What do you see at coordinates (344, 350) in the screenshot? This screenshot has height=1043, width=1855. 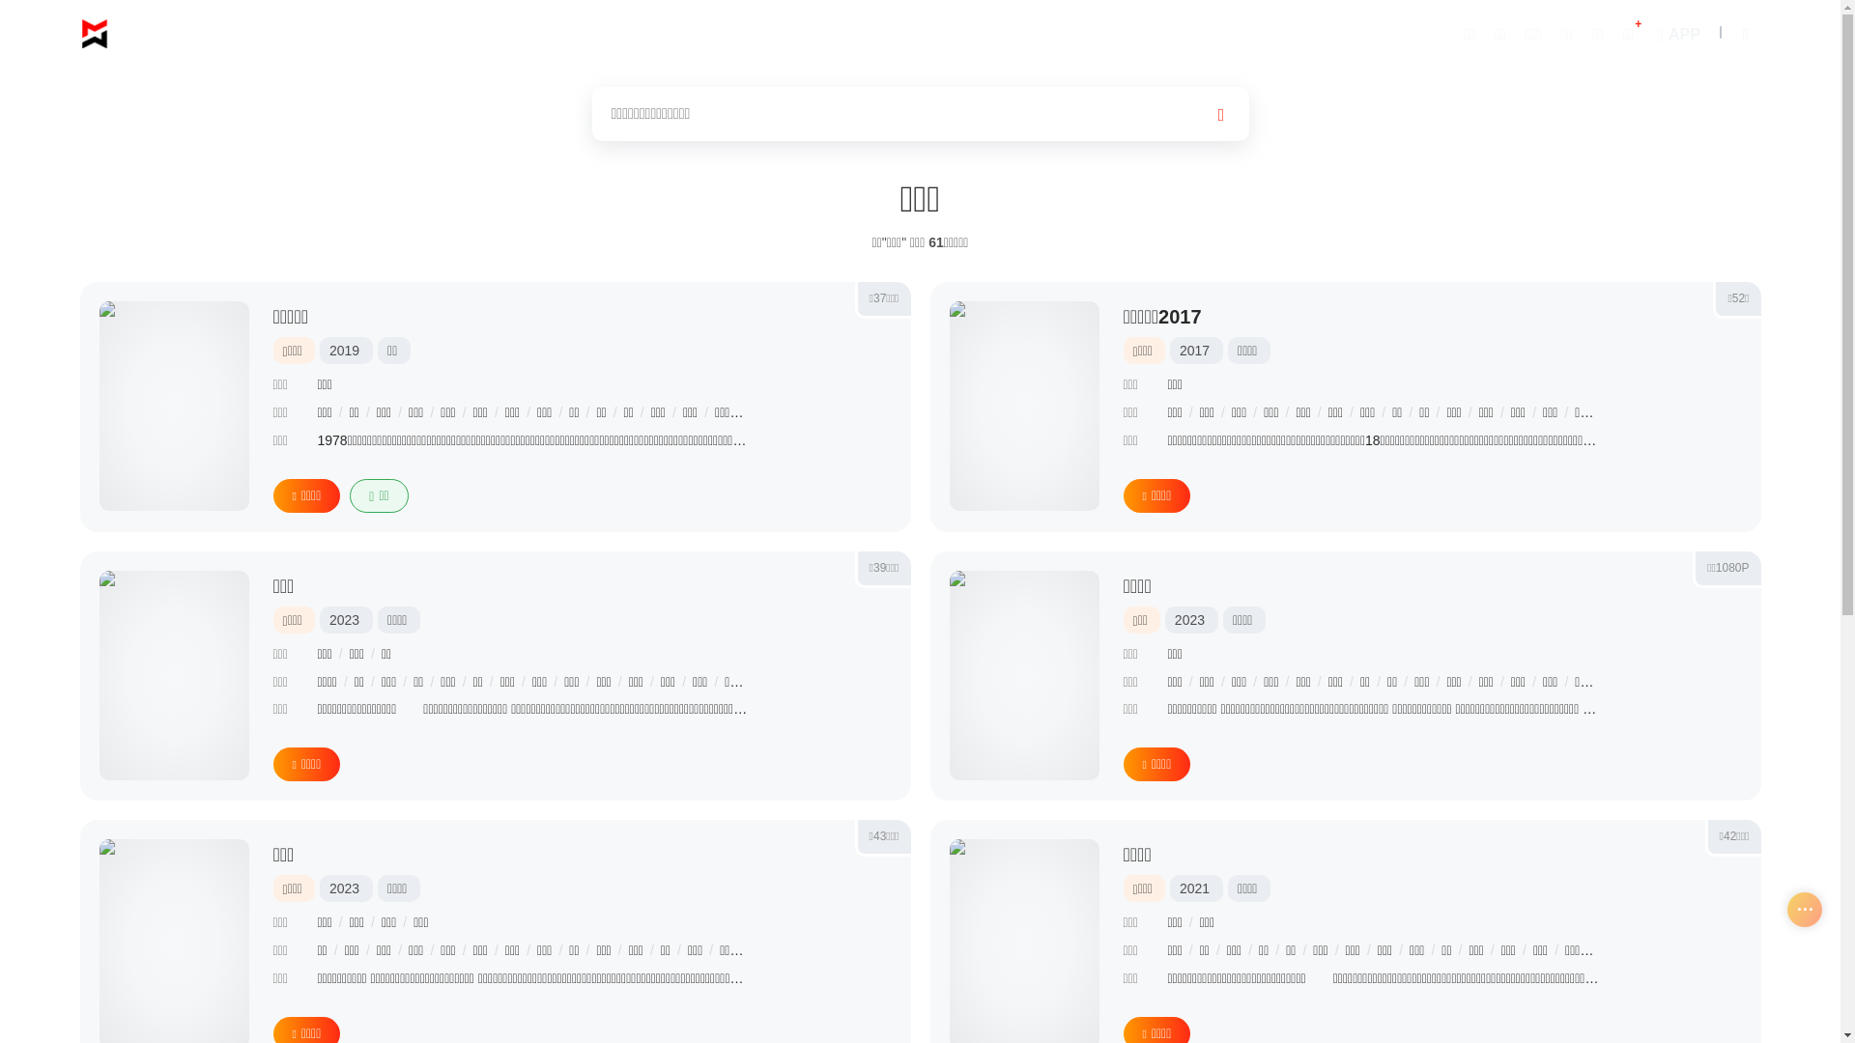 I see `'2019'` at bounding box center [344, 350].